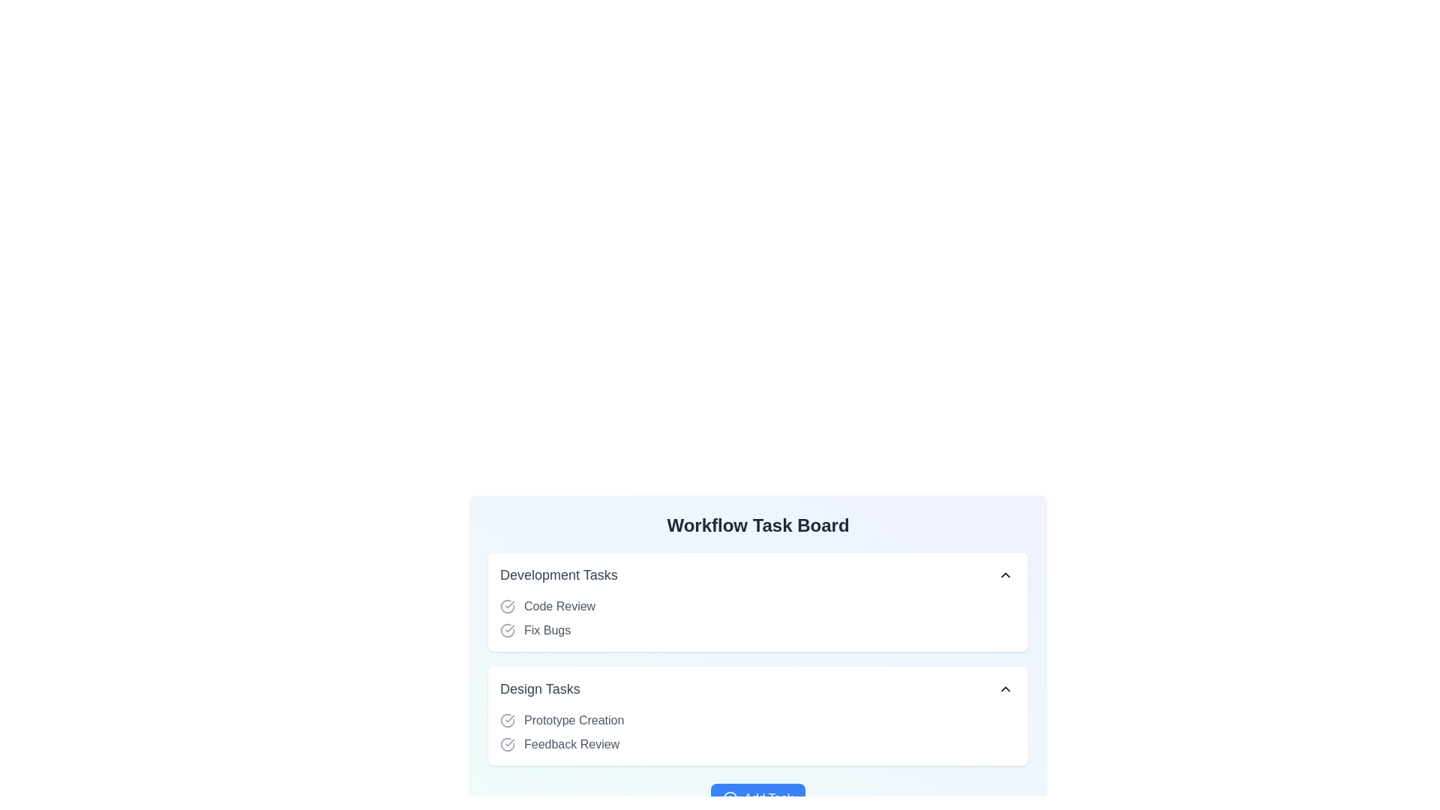 This screenshot has height=810, width=1440. Describe the element at coordinates (1005, 574) in the screenshot. I see `the icon button located at the far-right of the 'Development Tasks' section` at that location.